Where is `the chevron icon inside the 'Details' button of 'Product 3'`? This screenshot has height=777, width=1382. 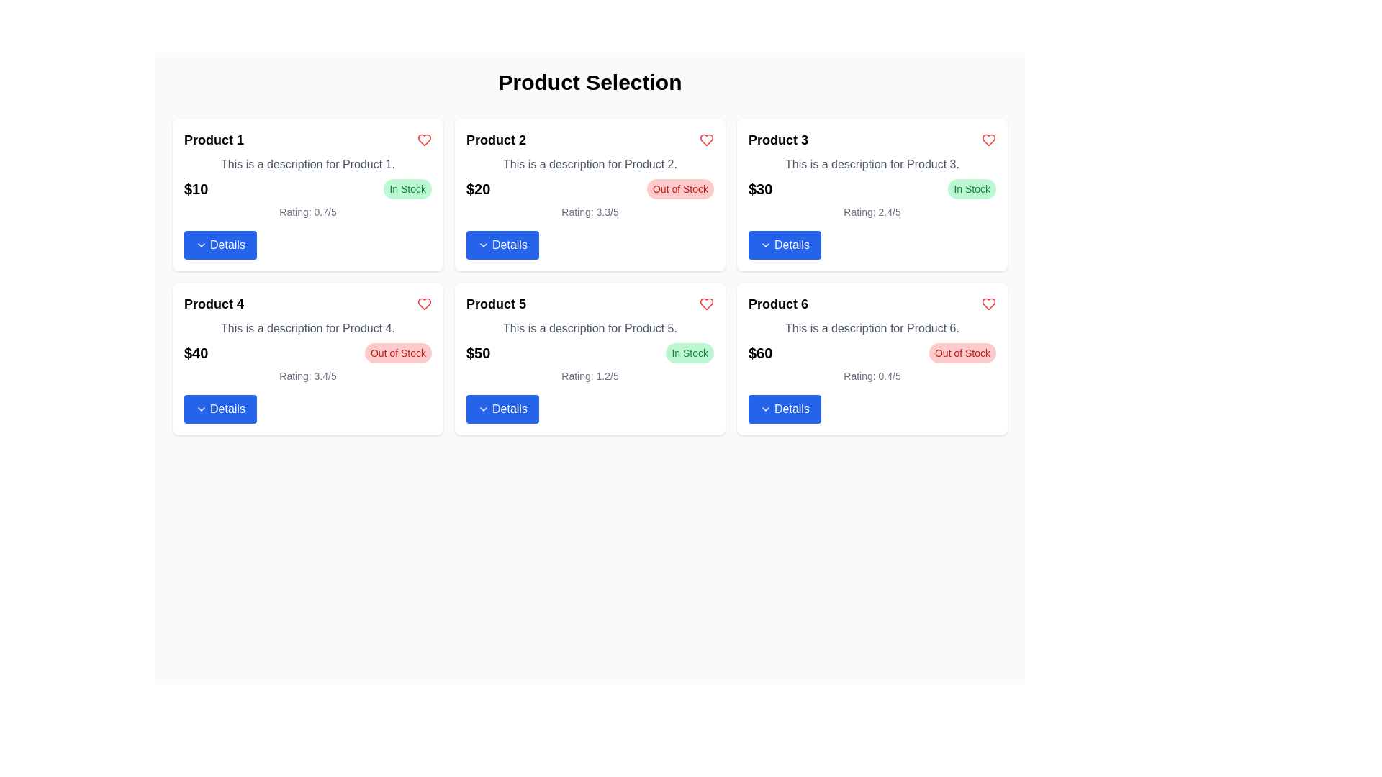 the chevron icon inside the 'Details' button of 'Product 3' is located at coordinates (765, 244).